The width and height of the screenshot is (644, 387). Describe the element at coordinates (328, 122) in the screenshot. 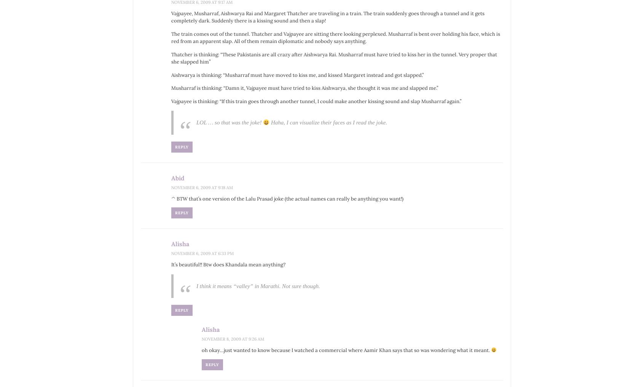

I see `'Haha, I can visualize their faces as I read the joke.'` at that location.